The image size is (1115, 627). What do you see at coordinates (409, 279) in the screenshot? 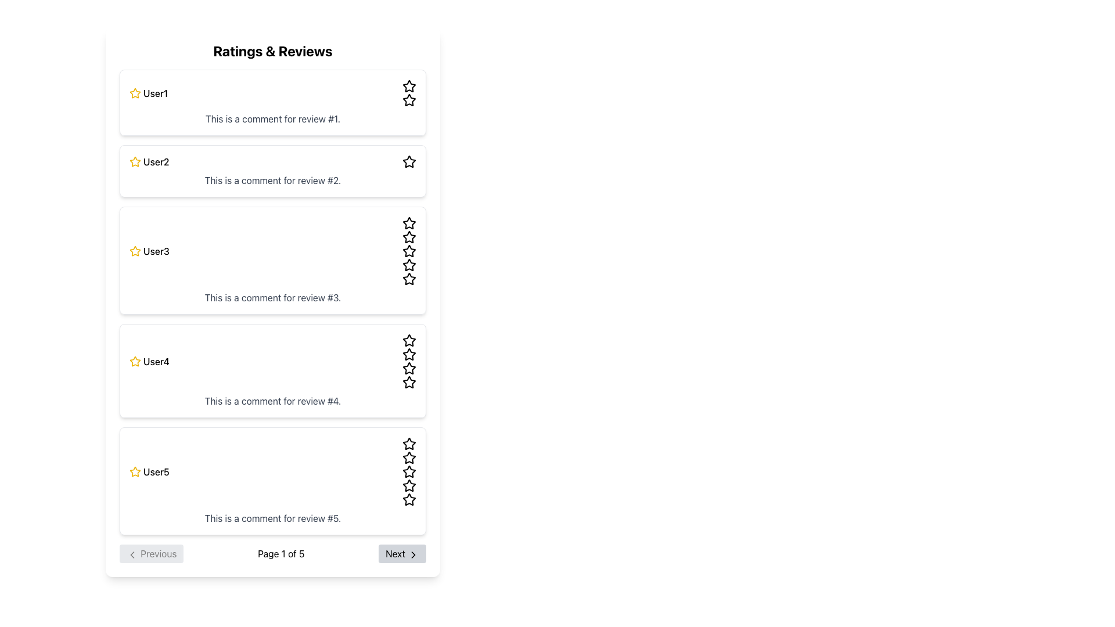
I see `the fifth black outlined star icon in the rating section of the third user review` at bounding box center [409, 279].